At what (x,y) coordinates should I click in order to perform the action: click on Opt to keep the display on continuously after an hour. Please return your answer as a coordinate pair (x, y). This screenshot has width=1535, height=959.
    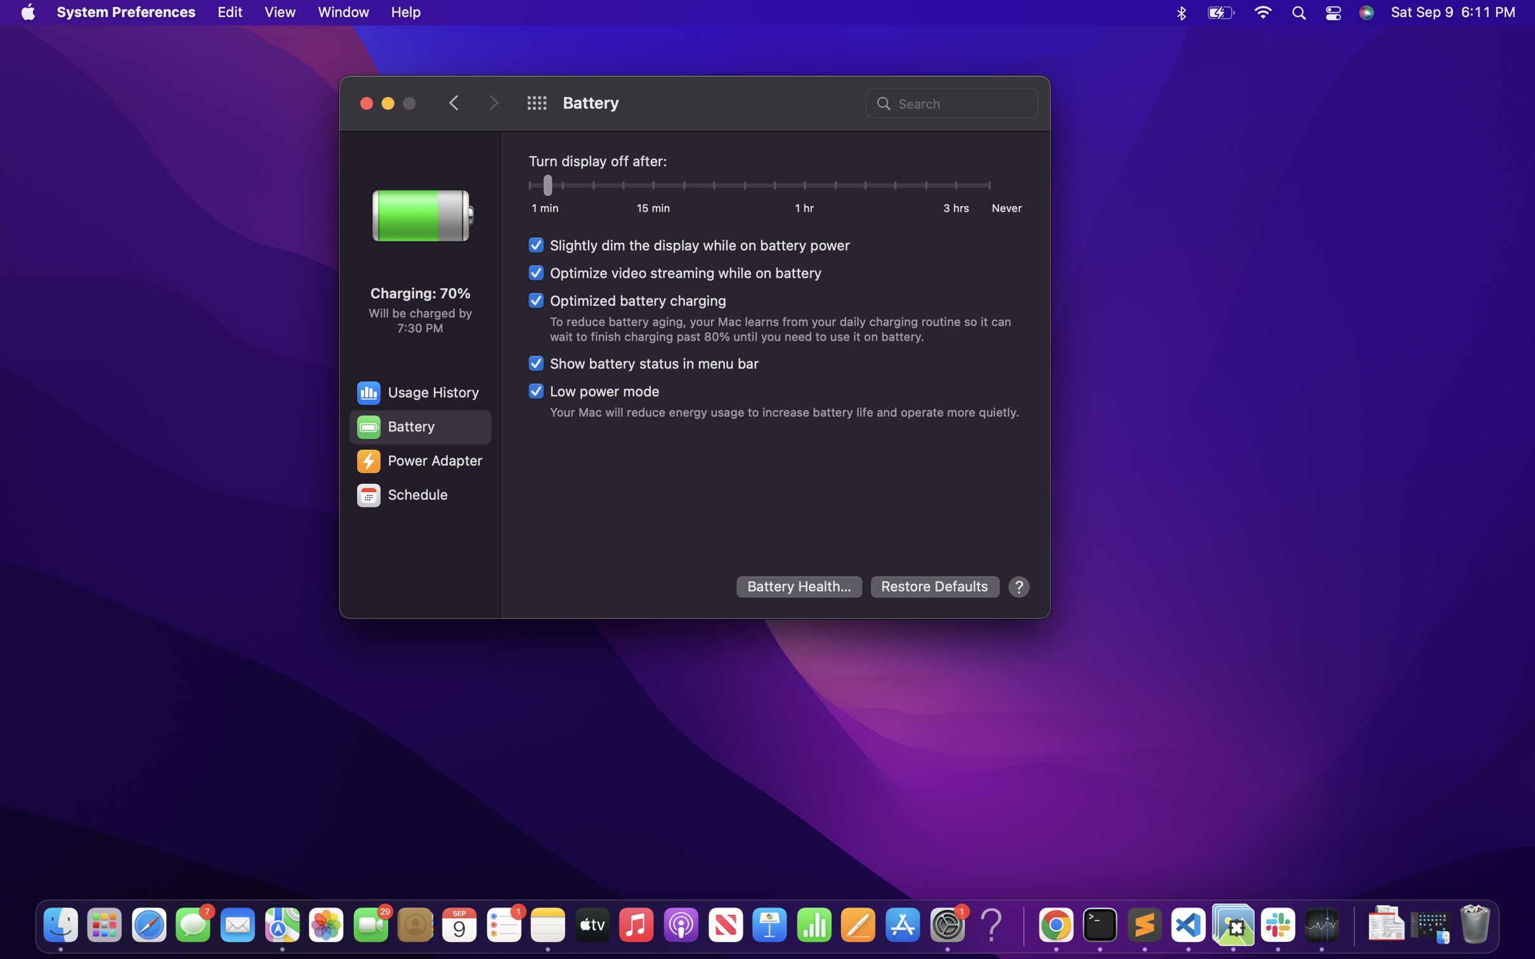
    Looking at the image, I should click on (805, 186).